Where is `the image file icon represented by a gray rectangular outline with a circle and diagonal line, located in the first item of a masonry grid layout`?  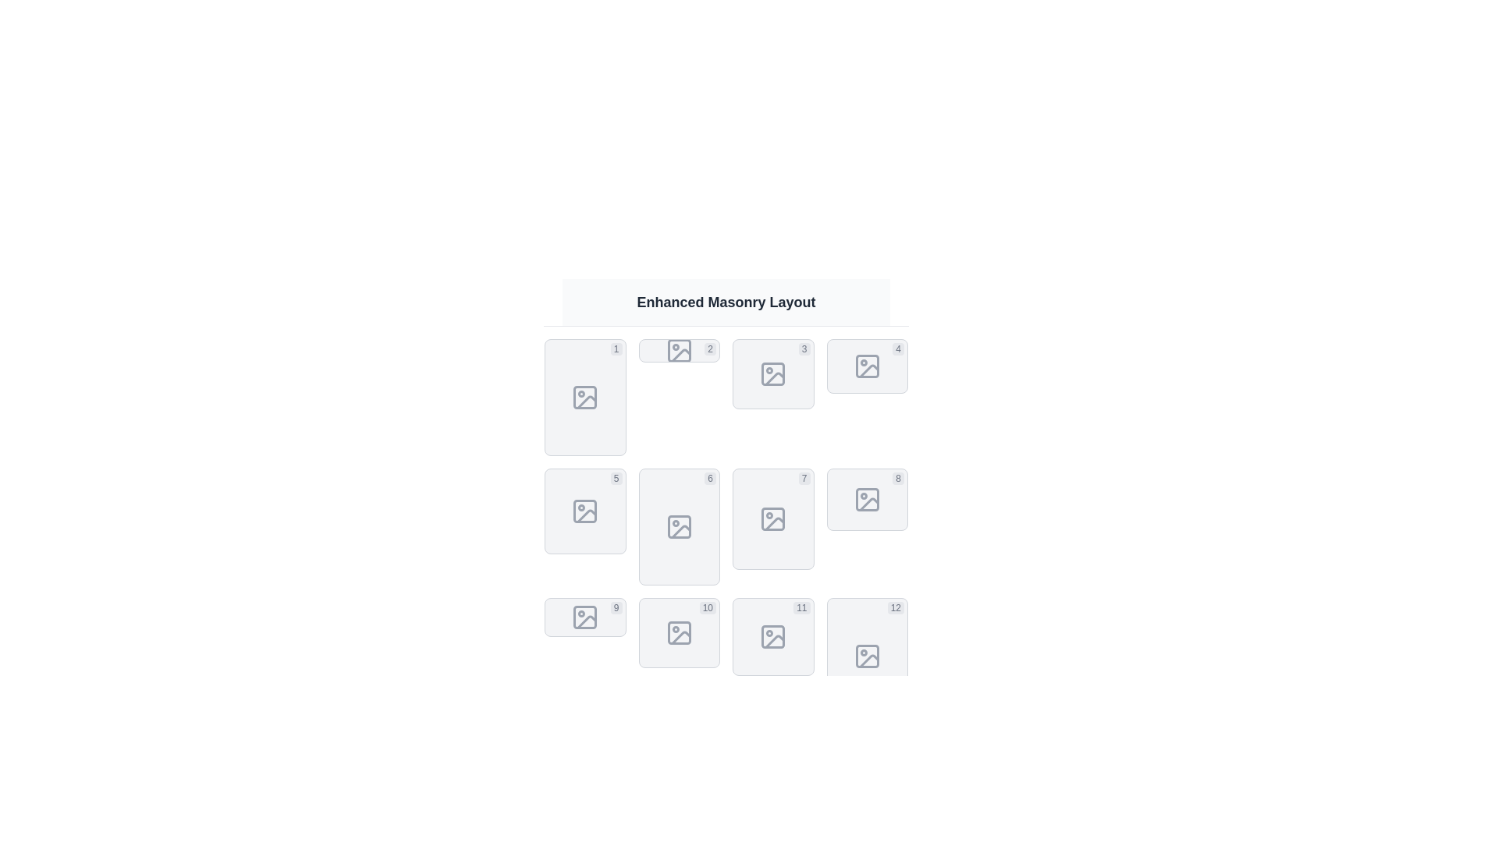 the image file icon represented by a gray rectangular outline with a circle and diagonal line, located in the first item of a masonry grid layout is located at coordinates (584, 396).